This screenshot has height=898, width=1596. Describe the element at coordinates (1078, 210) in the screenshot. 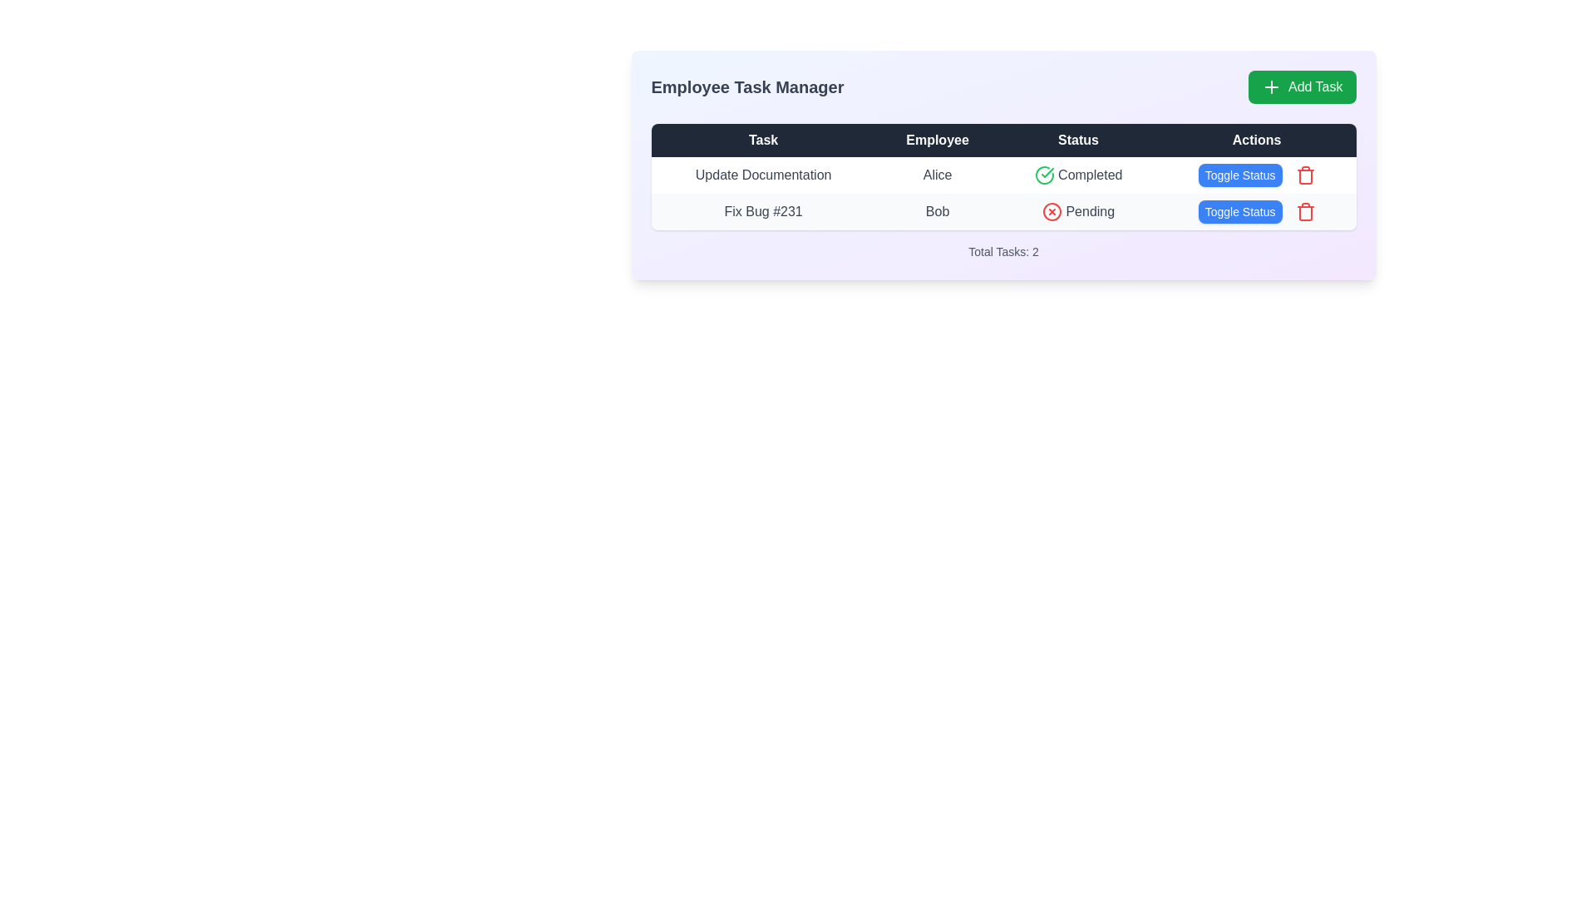

I see `the status indicator text for the task 'Fix Bug #231' in the second row of the table, showing it is currently in a 'Pending' state` at that location.